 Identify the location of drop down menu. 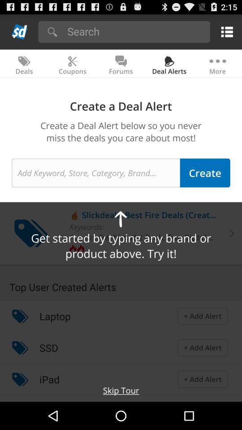
(20, 31).